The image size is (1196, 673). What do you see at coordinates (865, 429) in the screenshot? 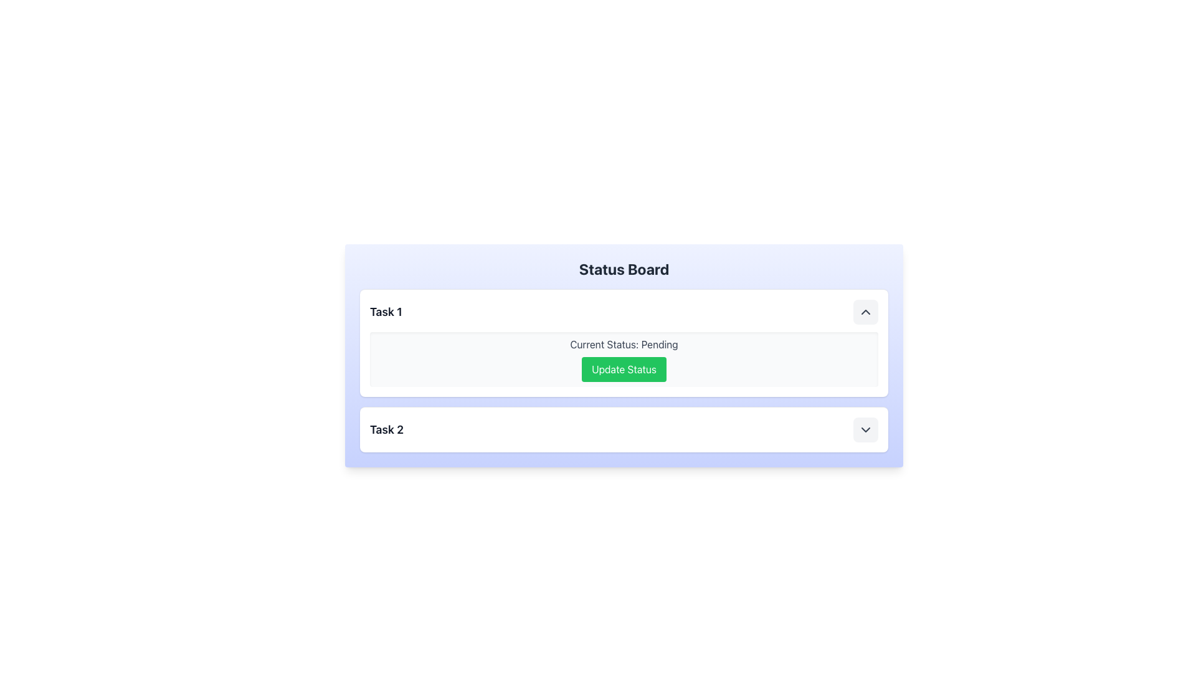
I see `the downward-pointing chevron arrow SVG icon located at the center of the dropdown toggle button in the bottom-right corner of the 'Task 2' task box` at bounding box center [865, 429].